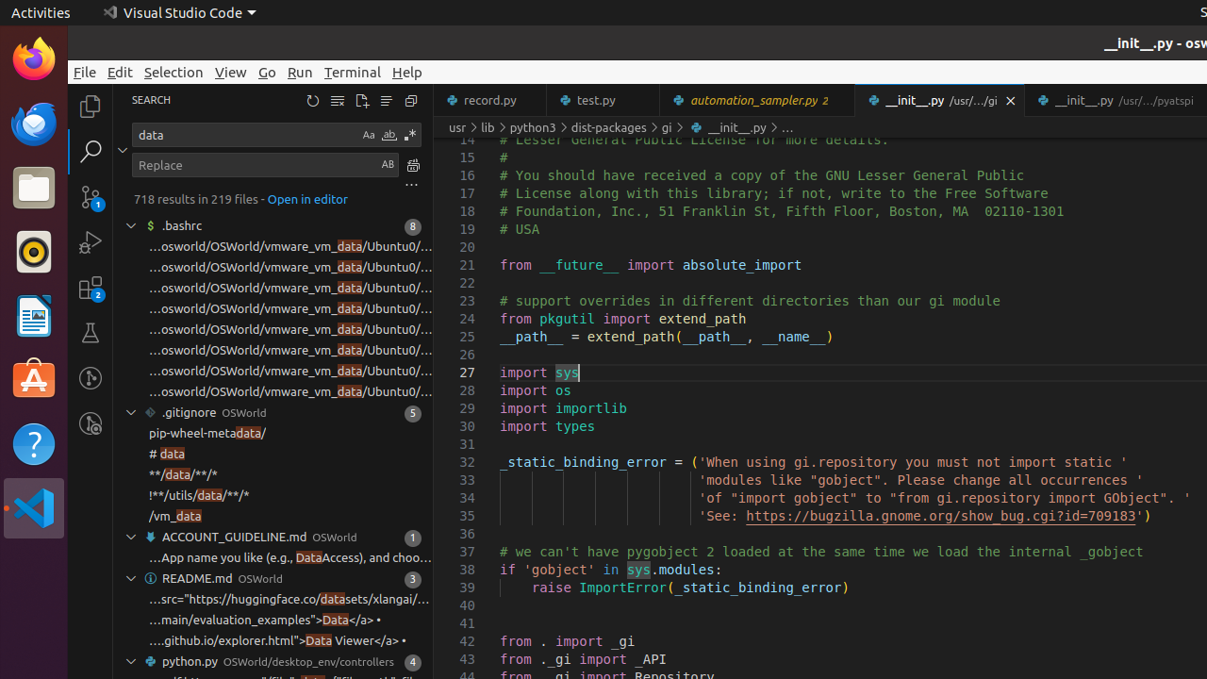 The height and width of the screenshot is (679, 1207). Describe the element at coordinates (289, 288) in the screenshot. I see `'…osworld/OSWorld/vmware_vm_data/Ubuntu0/Ubuntu0.vmx "/bin/bash" "$1 > /home/user/vm.log 2>&1" && vmrun -gu user -gp password copyFileFromGuestToHost /home/PJLAB/luyi1/osworld/OSWorld/vmware_vm_data/Ubuntu0/Ubuntu0.vmx /home/user/vm.log vm.log; }; _vm'` at that location.